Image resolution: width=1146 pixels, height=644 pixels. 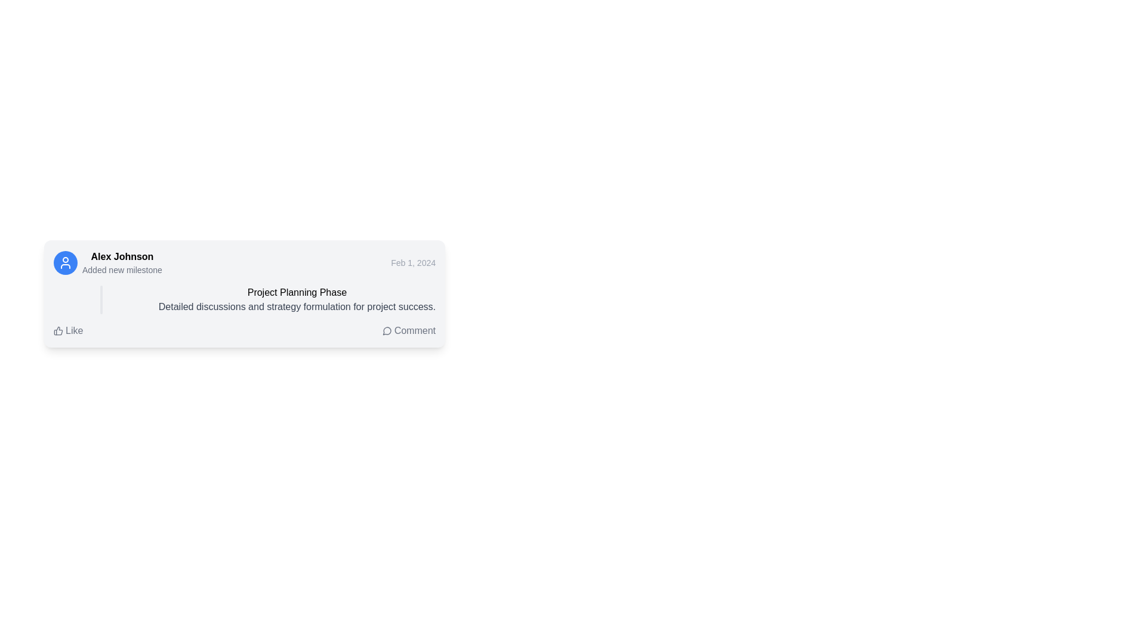 What do you see at coordinates (297, 299) in the screenshot?
I see `the Textual display component that contains the title 'Project Planning Phase' in medium-bold font and the description 'Detailed discussions and strategy formulation for project success' in smaller gray text` at bounding box center [297, 299].